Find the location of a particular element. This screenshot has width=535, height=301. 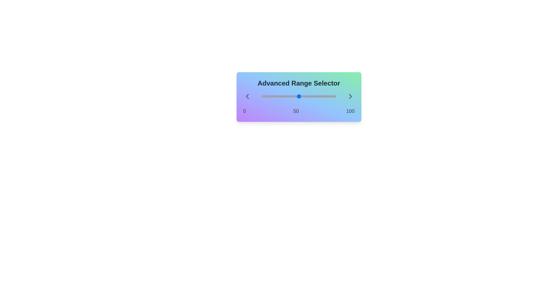

the slider to set the range value to 30 is located at coordinates (261, 96).